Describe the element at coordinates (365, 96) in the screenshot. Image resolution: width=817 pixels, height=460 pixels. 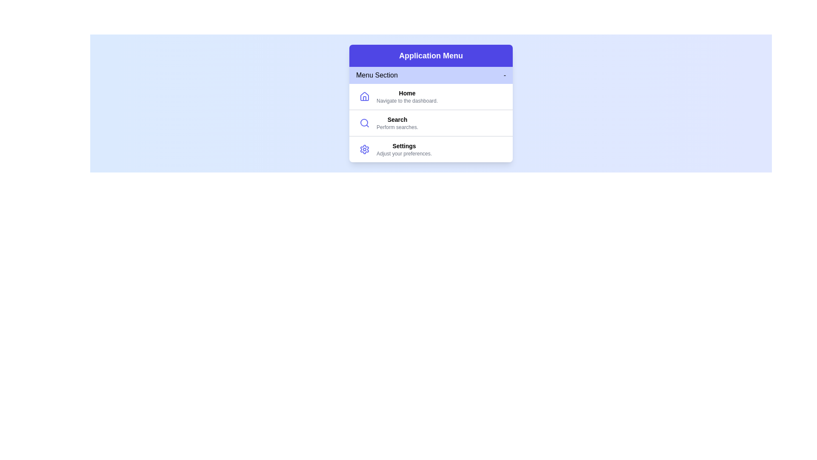
I see `the icon representing Home to inspect it` at that location.